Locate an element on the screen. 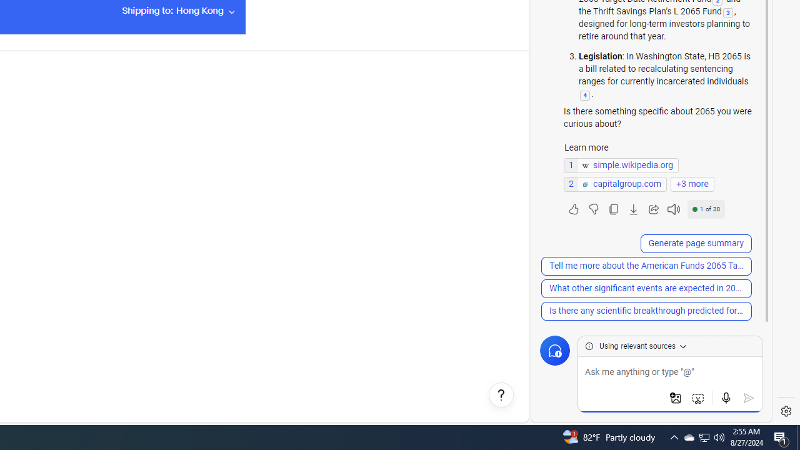 The height and width of the screenshot is (450, 800). 'Help, opens dialogs' is located at coordinates (501, 395).